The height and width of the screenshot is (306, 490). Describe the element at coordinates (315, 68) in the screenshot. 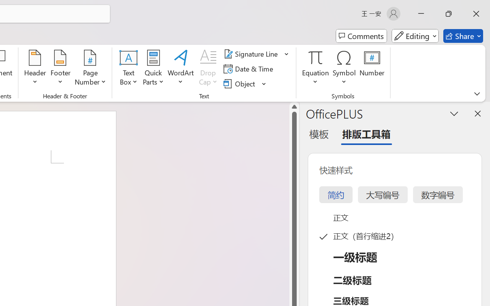

I see `'Equation'` at that location.